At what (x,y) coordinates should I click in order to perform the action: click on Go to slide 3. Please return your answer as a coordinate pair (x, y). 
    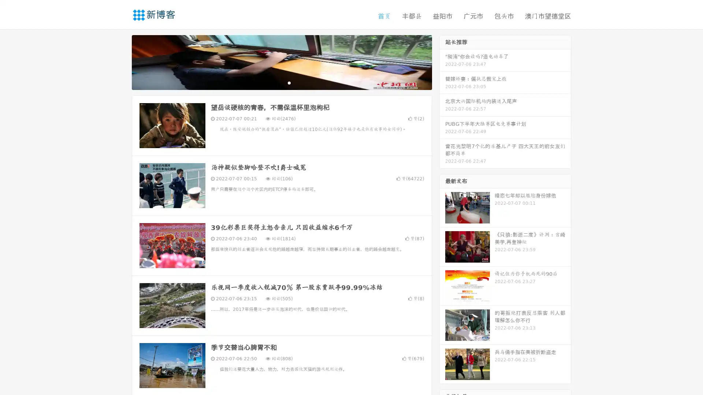
    Looking at the image, I should click on (289, 82).